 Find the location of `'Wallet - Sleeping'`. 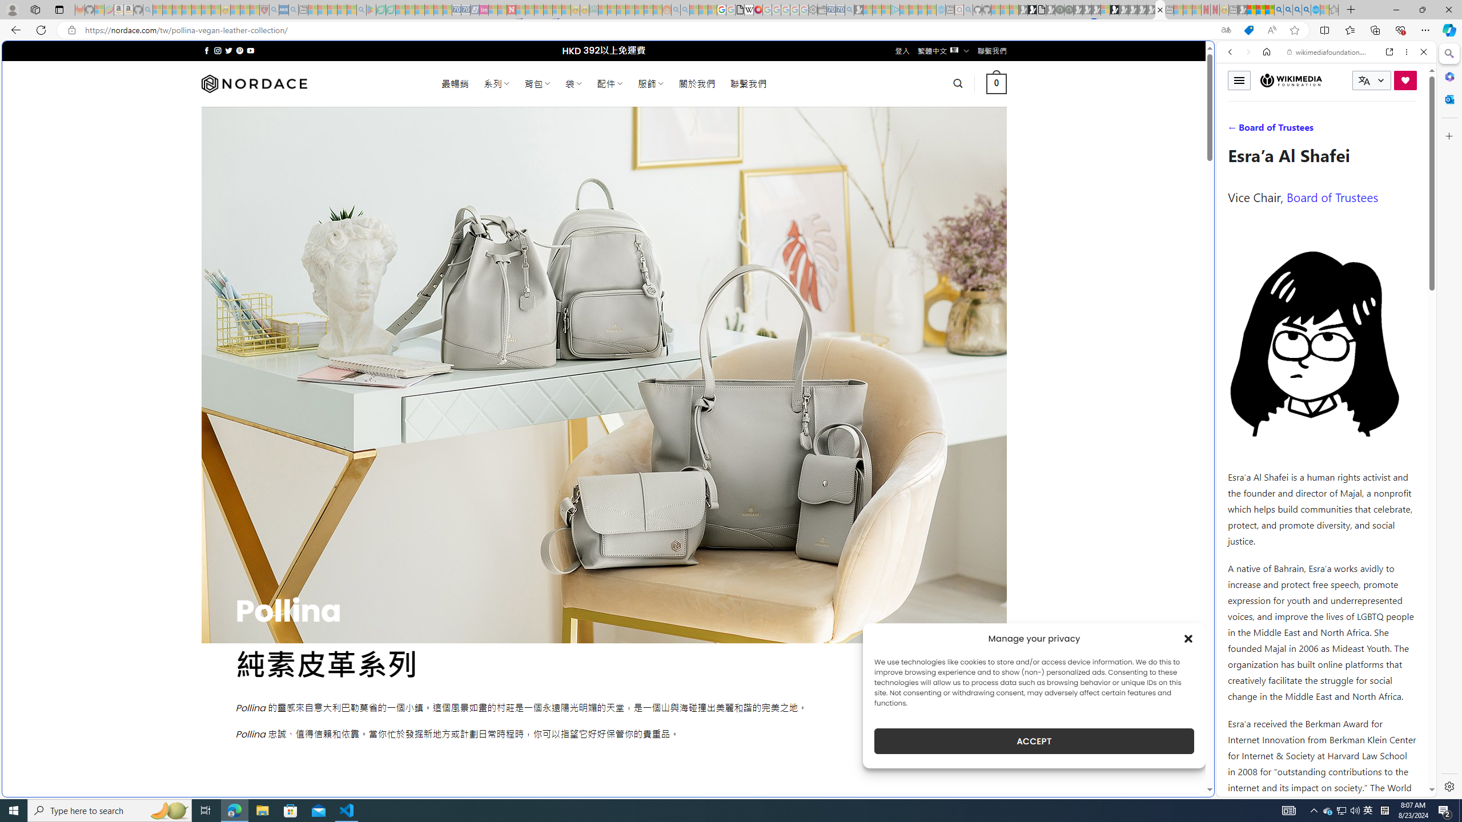

'Wallet - Sleeping' is located at coordinates (822, 9).